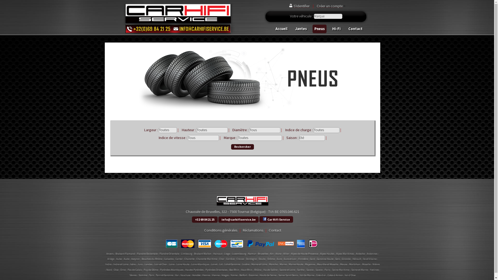 This screenshot has height=280, width=498. What do you see at coordinates (243, 275) in the screenshot?
I see `'Belfort'` at bounding box center [243, 275].